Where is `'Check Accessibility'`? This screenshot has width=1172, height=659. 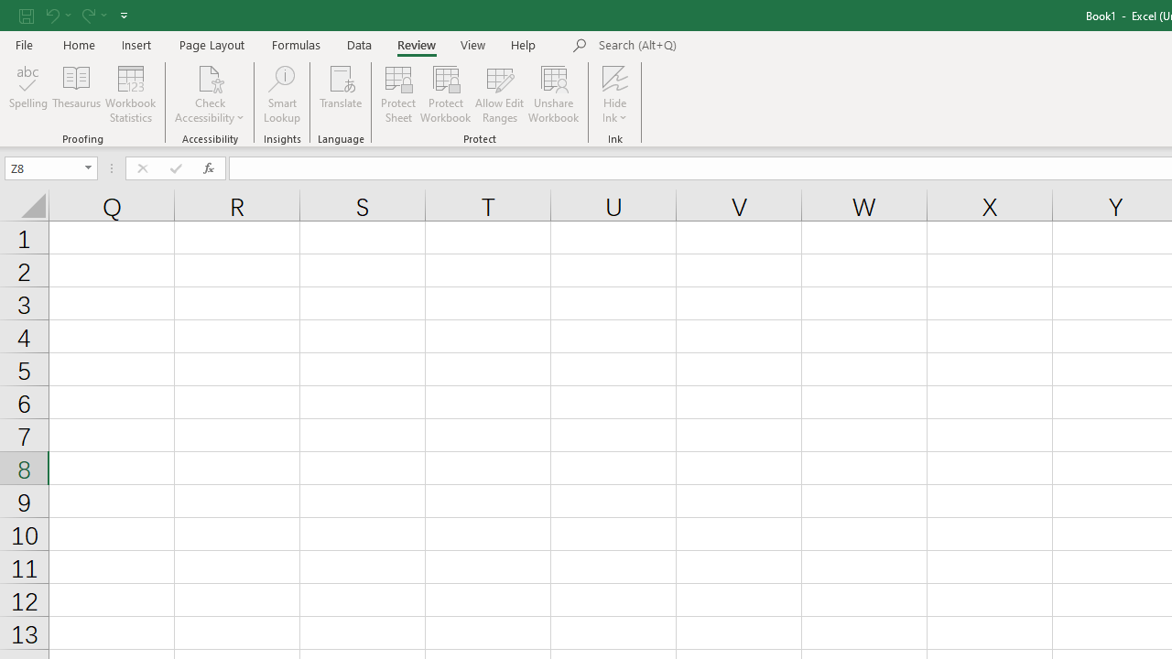 'Check Accessibility' is located at coordinates (210, 94).